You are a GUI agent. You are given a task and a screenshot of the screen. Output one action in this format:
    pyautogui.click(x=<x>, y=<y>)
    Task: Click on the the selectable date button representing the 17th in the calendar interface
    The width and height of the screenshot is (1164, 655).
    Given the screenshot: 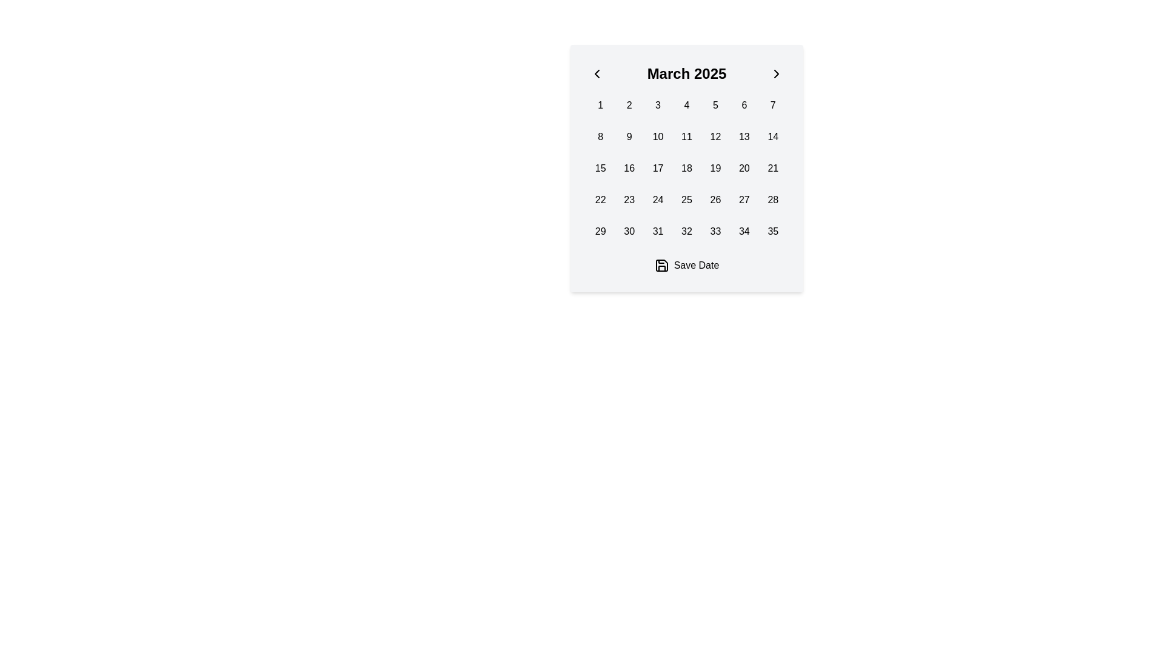 What is the action you would take?
    pyautogui.click(x=657, y=168)
    